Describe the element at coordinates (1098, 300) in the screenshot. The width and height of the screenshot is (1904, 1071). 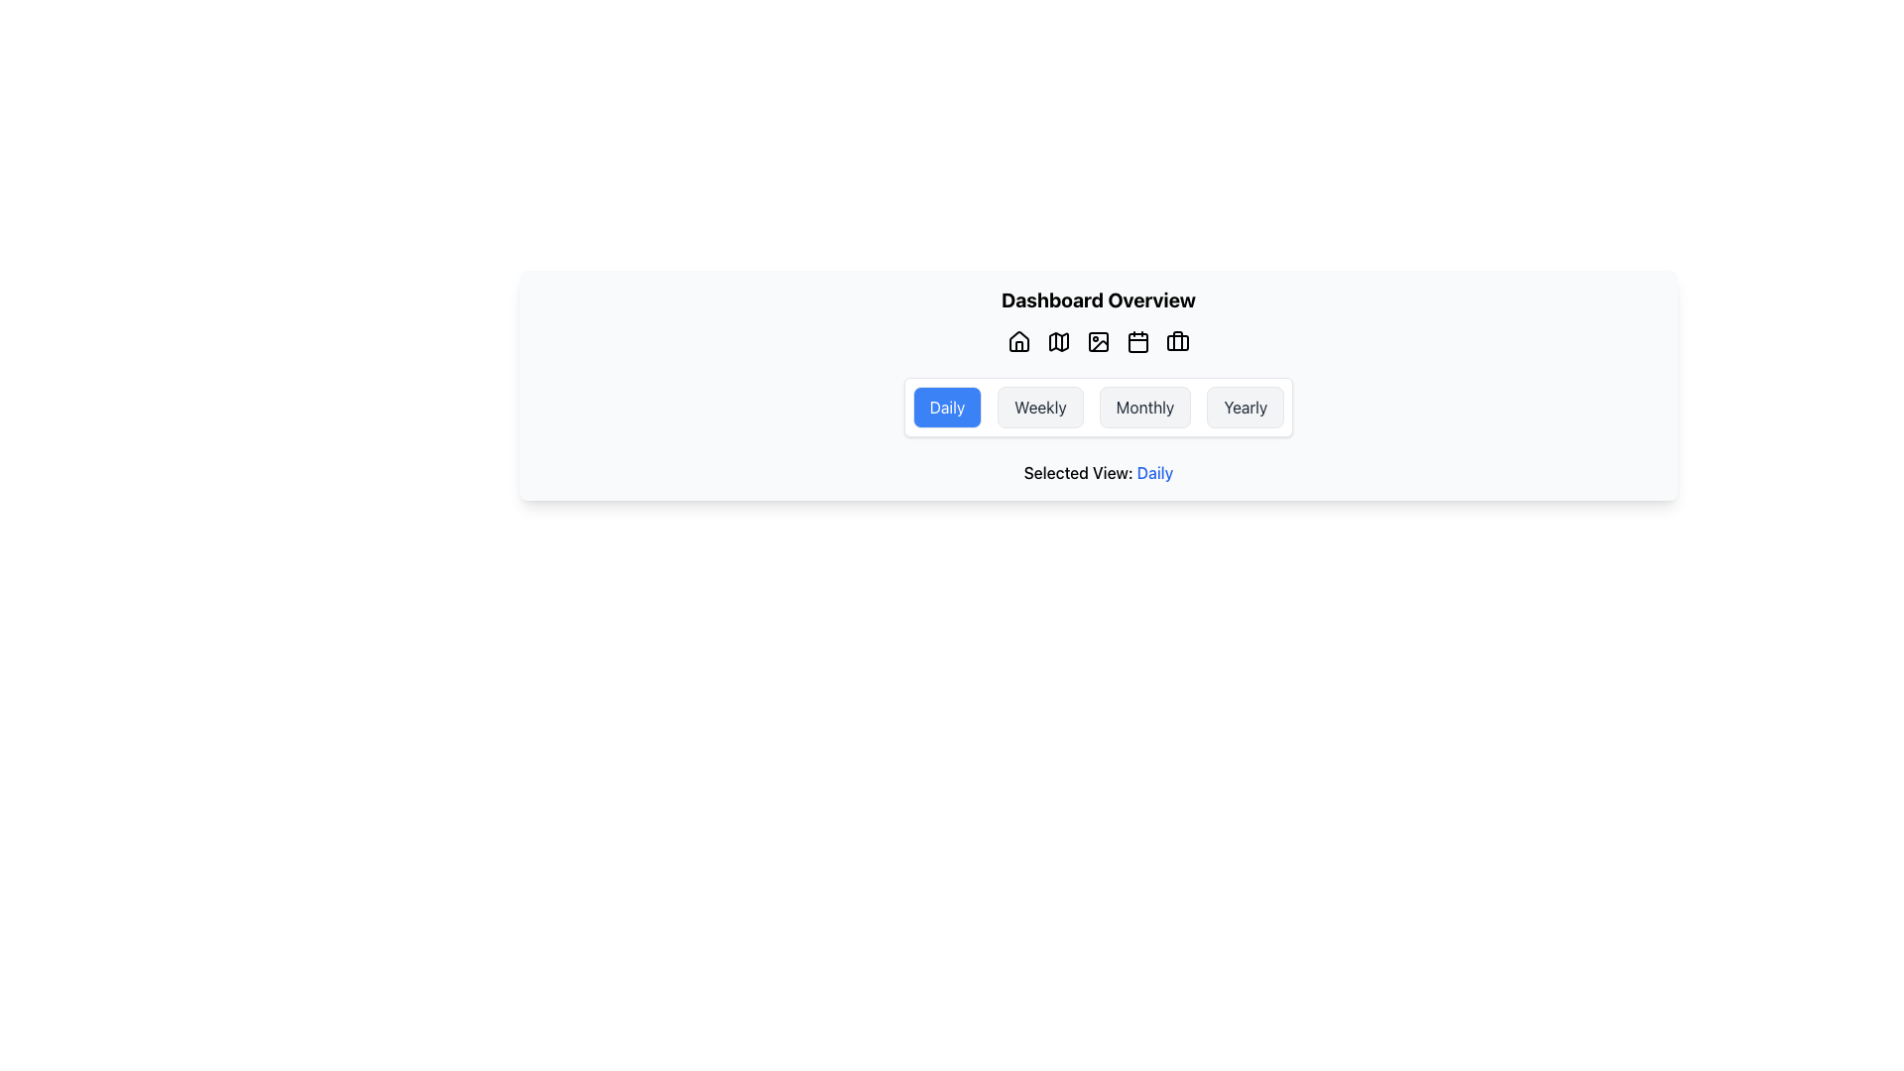
I see `the static text header 'Dashboard Overview', which is styled with a bold, extra-large font and is centered at the top of the panel` at that location.